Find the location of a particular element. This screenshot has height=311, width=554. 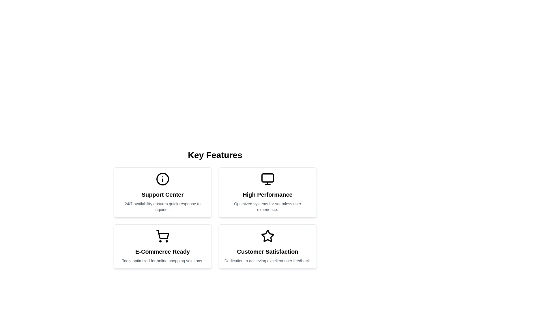

text displayed in the text area below the 'Support Center' title, which states '24/7 availability ensures quick response to inquiries.' is located at coordinates (162, 206).